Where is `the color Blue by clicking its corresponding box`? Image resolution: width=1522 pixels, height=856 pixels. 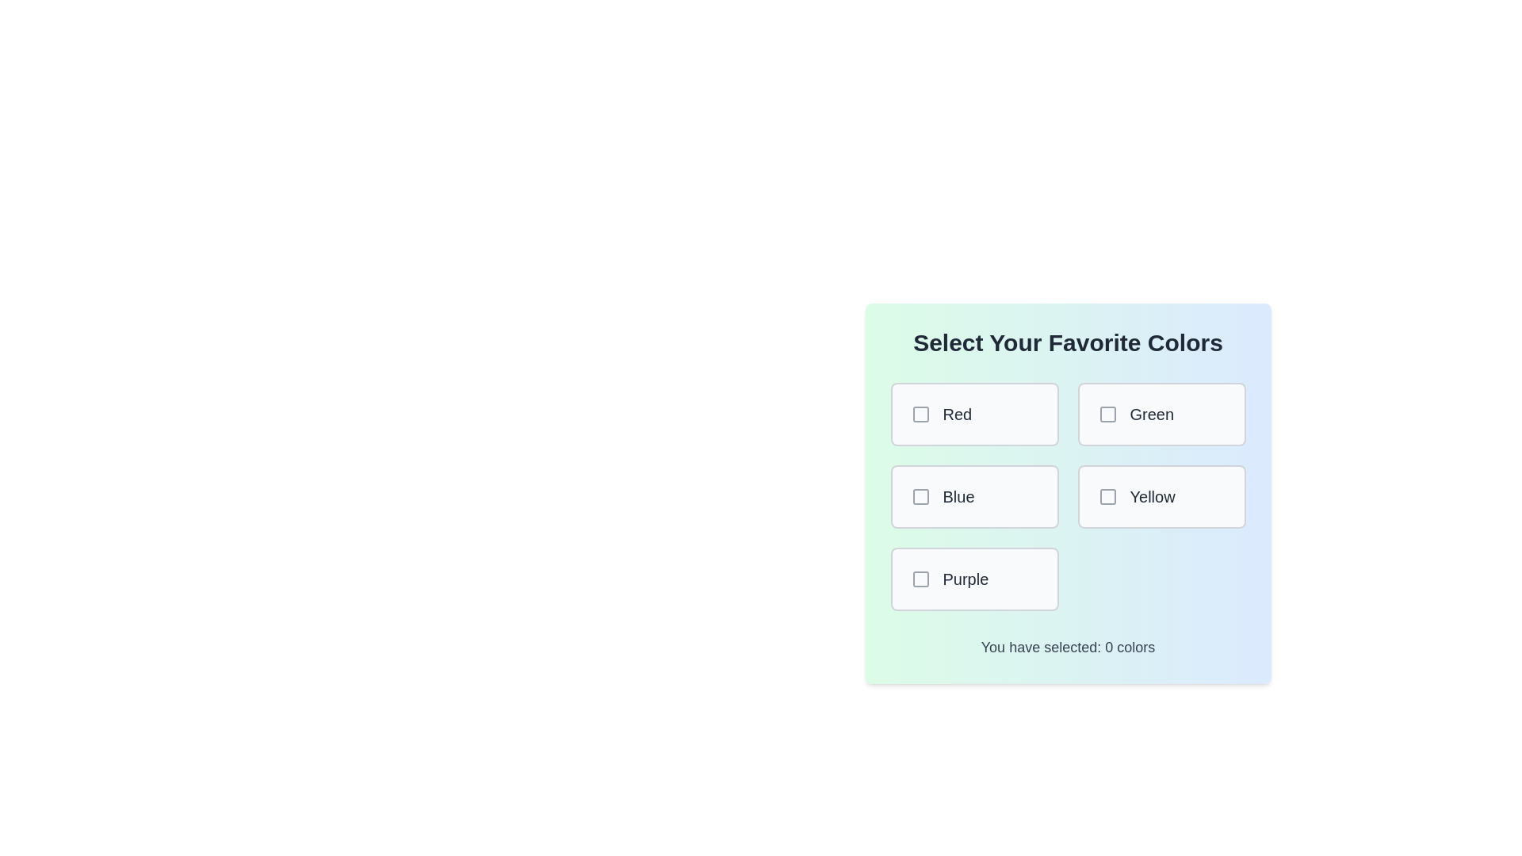
the color Blue by clicking its corresponding box is located at coordinates (973, 496).